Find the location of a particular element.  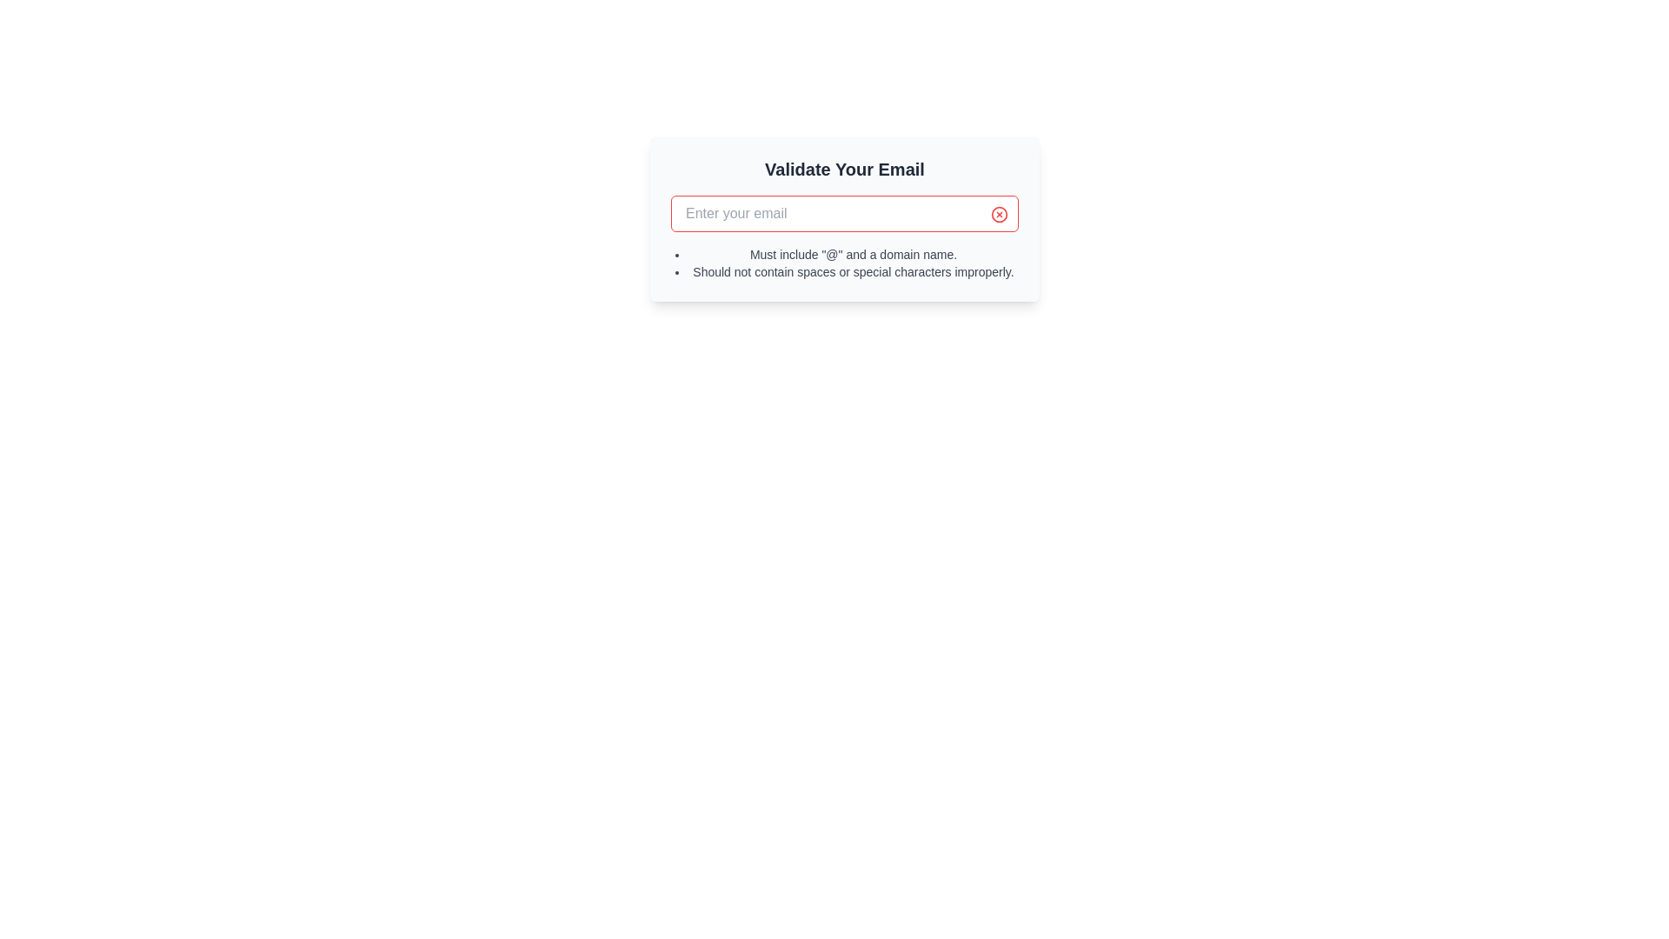

the decorative graphical element (circle) located at the top-right corner of the email input field's text box is located at coordinates (1000, 213).